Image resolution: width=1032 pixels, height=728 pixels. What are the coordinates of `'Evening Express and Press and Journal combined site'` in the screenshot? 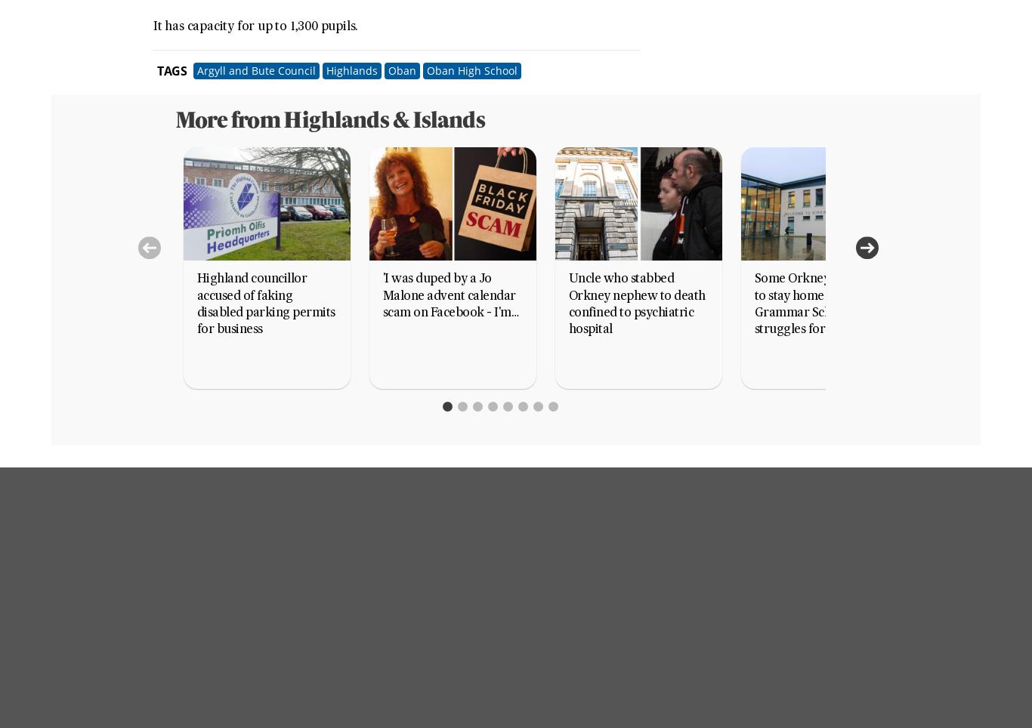 It's located at (623, 631).